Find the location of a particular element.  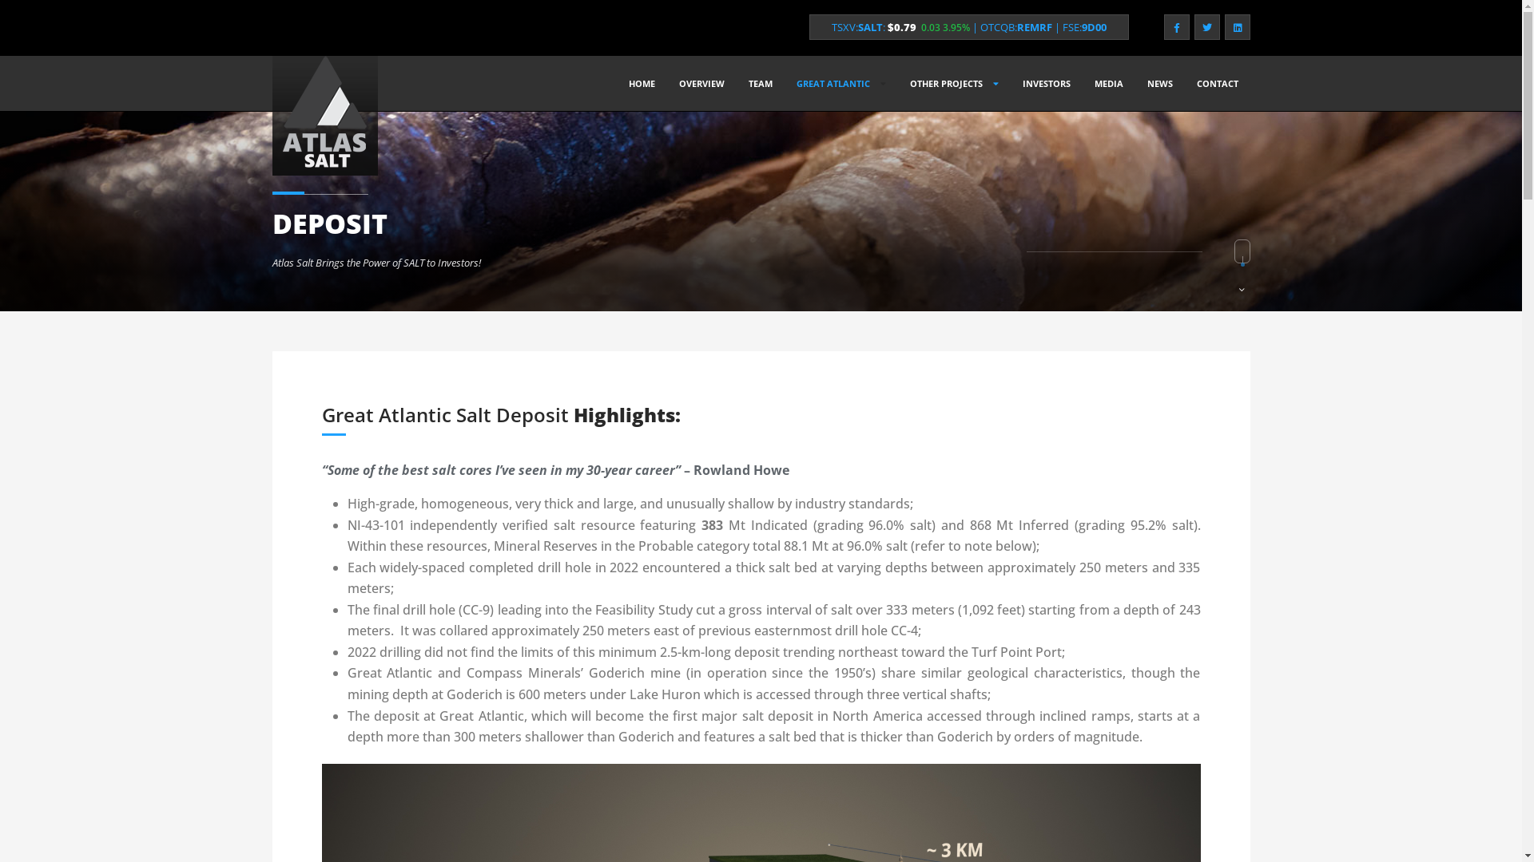

'MEDIA' is located at coordinates (1107, 83).